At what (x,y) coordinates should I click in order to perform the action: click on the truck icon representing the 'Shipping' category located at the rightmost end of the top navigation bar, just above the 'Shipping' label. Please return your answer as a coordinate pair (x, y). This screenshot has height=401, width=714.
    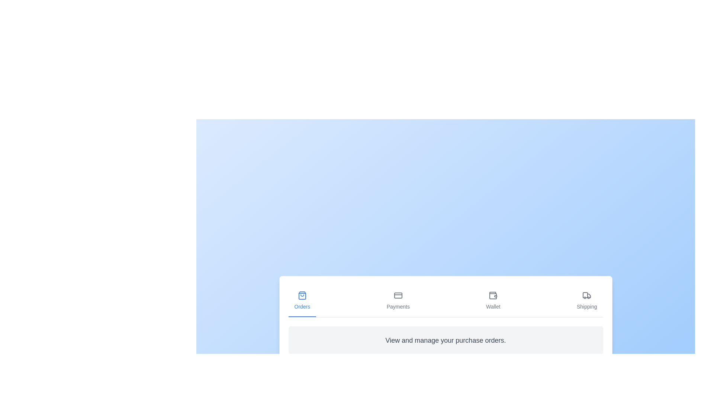
    Looking at the image, I should click on (586, 295).